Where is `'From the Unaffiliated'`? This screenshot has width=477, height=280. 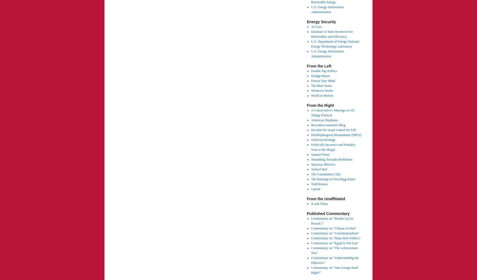 'From the Unaffiliated' is located at coordinates (306, 198).